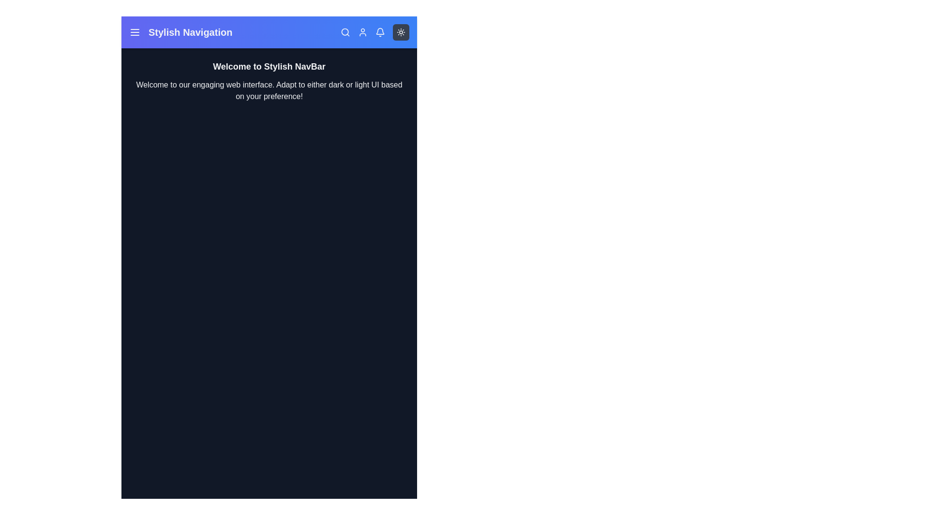  Describe the element at coordinates (380, 31) in the screenshot. I see `the notifications icon in the navigation bar` at that location.